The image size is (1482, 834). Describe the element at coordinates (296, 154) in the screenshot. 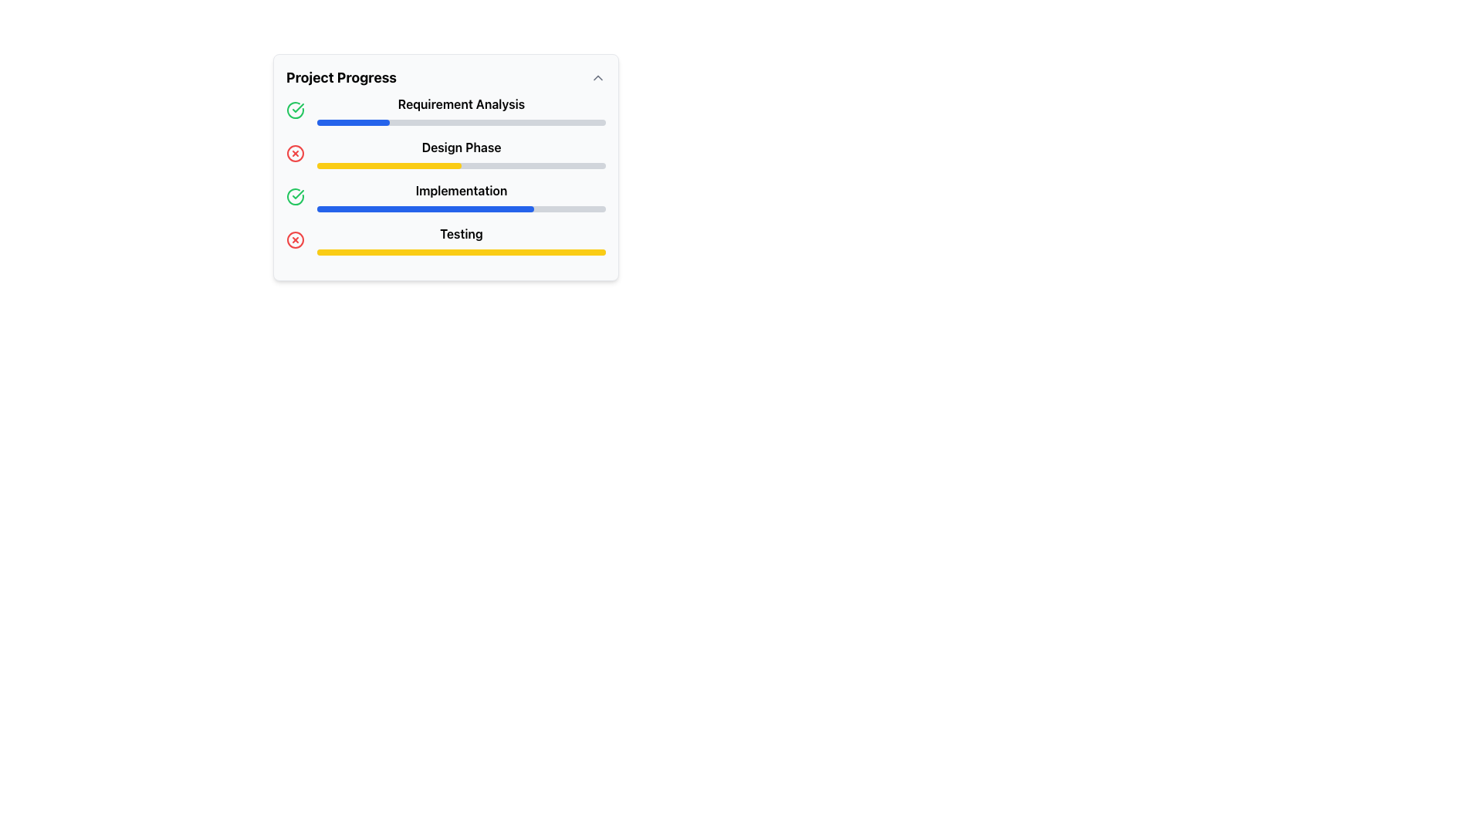

I see `the red circular 'error' icon with a white cross inside, which represents a 'cancel' or 'close' action, located next to the 'Design Phase' label in the progress tracker interface` at that location.